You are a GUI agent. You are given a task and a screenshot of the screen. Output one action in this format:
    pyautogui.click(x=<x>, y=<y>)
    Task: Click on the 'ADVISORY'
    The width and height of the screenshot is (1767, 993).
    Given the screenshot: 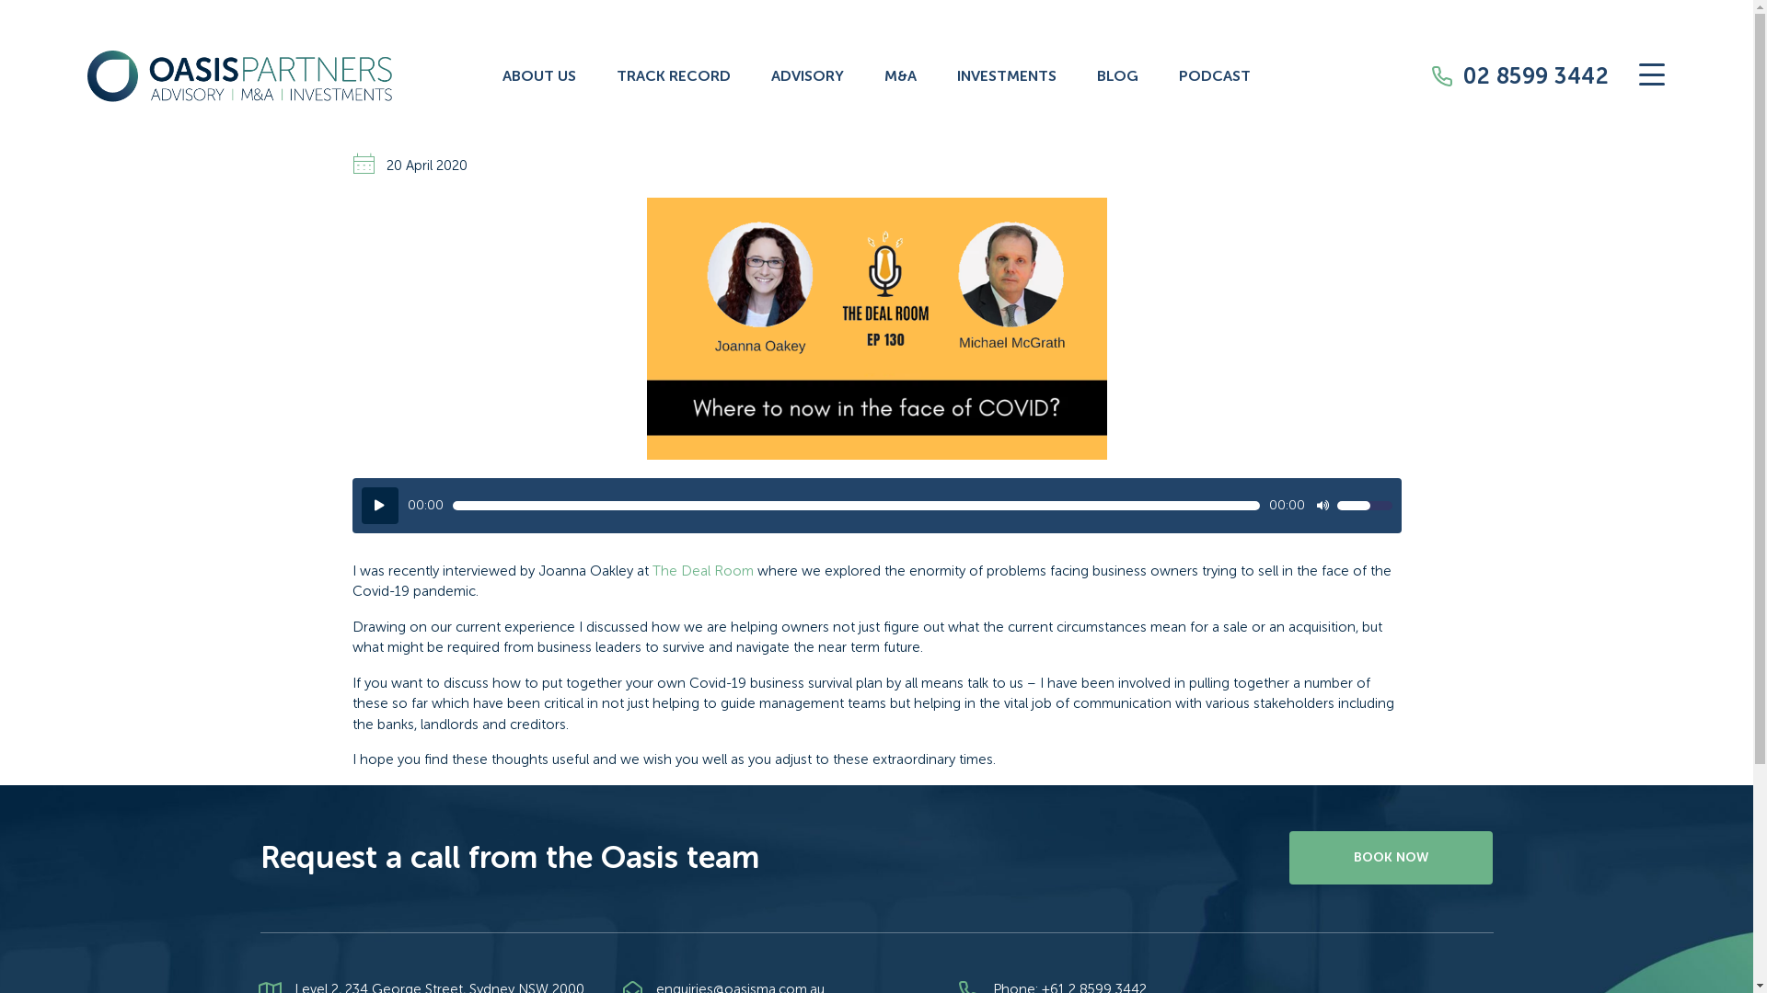 What is the action you would take?
    pyautogui.click(x=807, y=75)
    